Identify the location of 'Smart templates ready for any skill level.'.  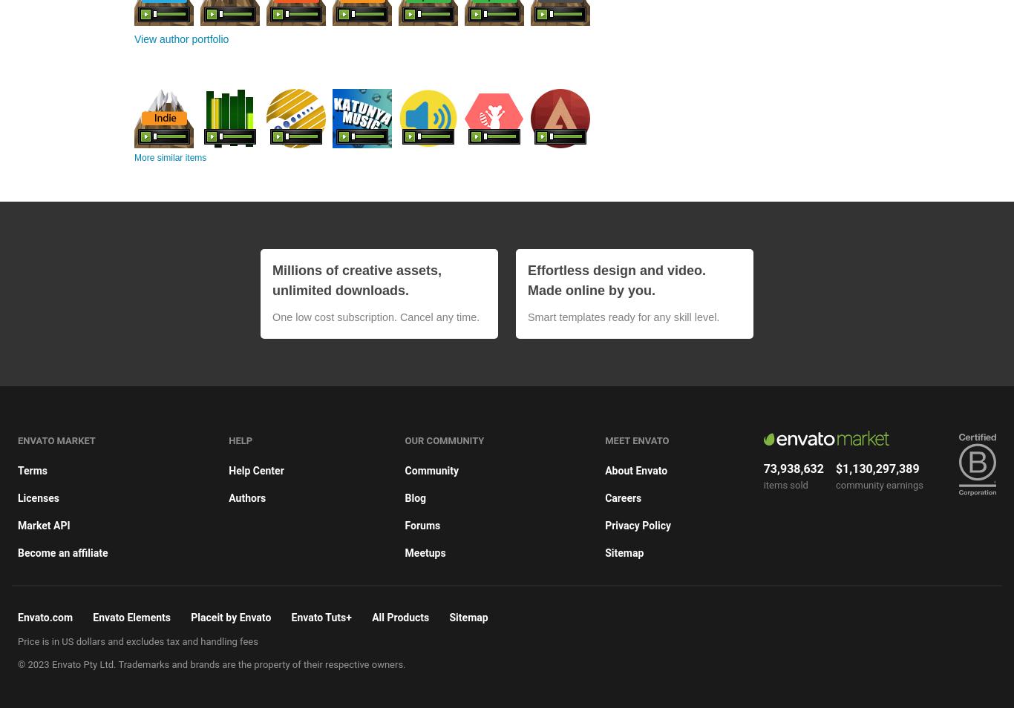
(622, 315).